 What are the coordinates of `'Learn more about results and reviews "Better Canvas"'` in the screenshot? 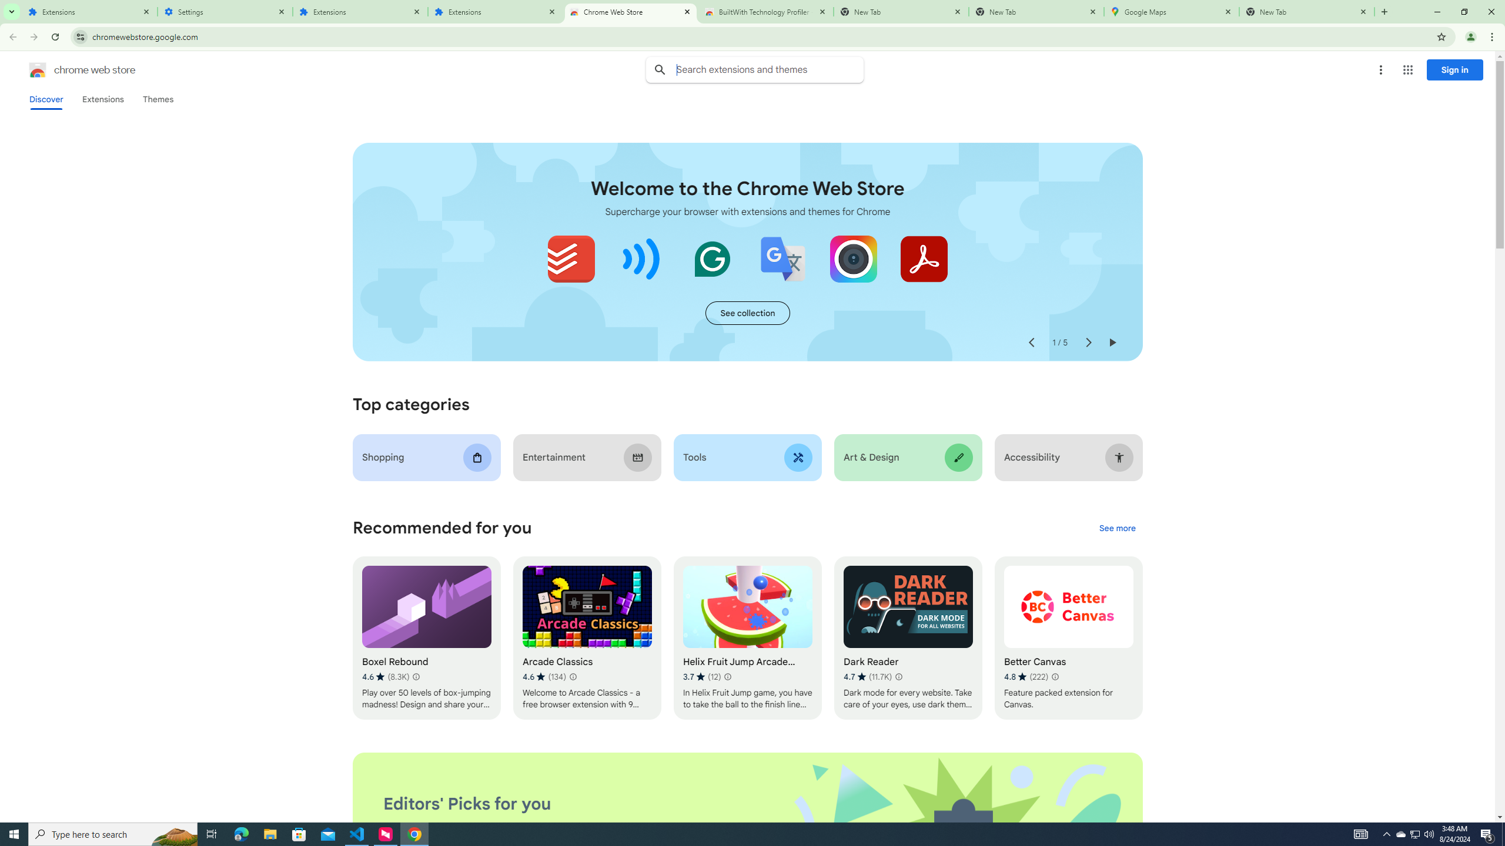 It's located at (1054, 677).